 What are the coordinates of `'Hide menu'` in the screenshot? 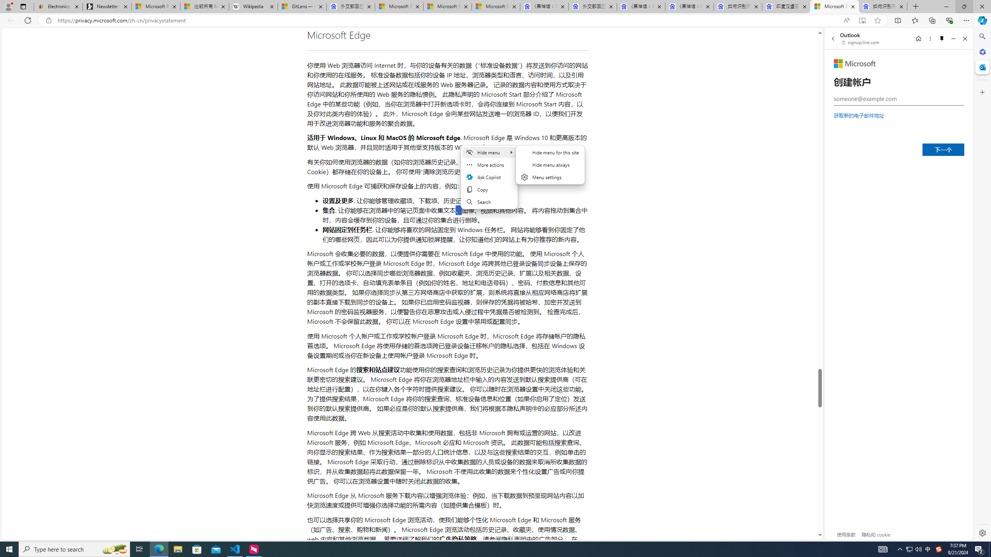 It's located at (550, 164).